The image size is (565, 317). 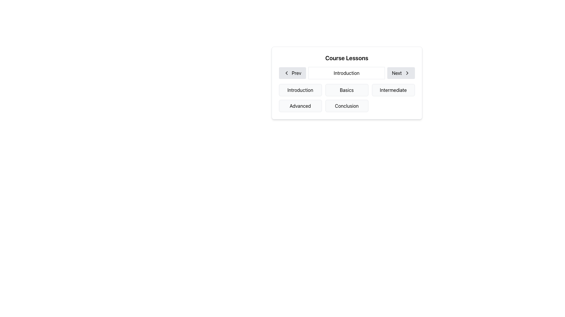 What do you see at coordinates (346, 73) in the screenshot?
I see `the 'Introduction' button located between the 'Prev' and 'Next' buttons in the upper section of the interface` at bounding box center [346, 73].